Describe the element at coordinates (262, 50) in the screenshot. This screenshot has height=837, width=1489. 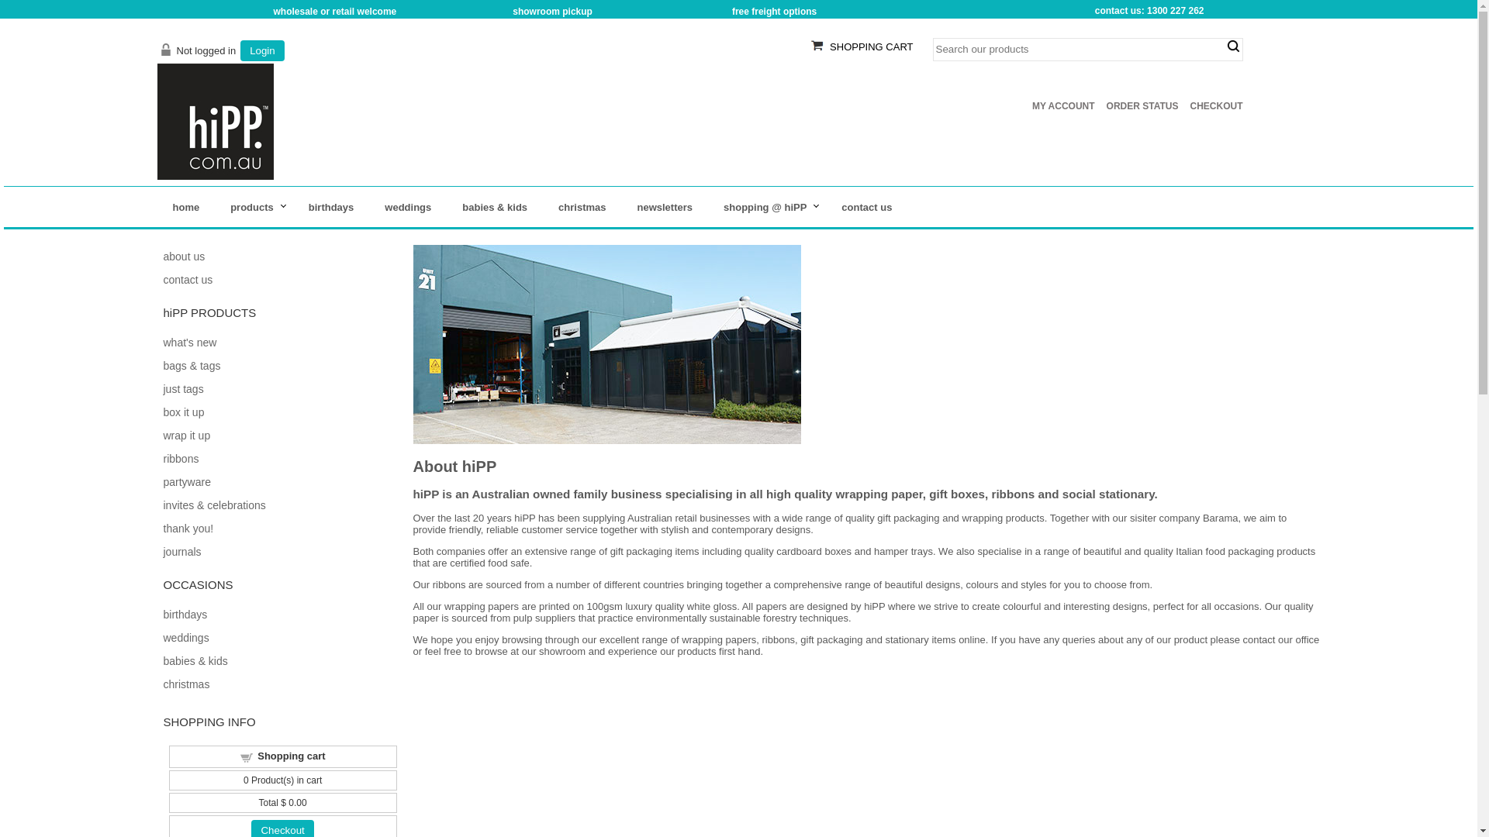
I see `'Login'` at that location.